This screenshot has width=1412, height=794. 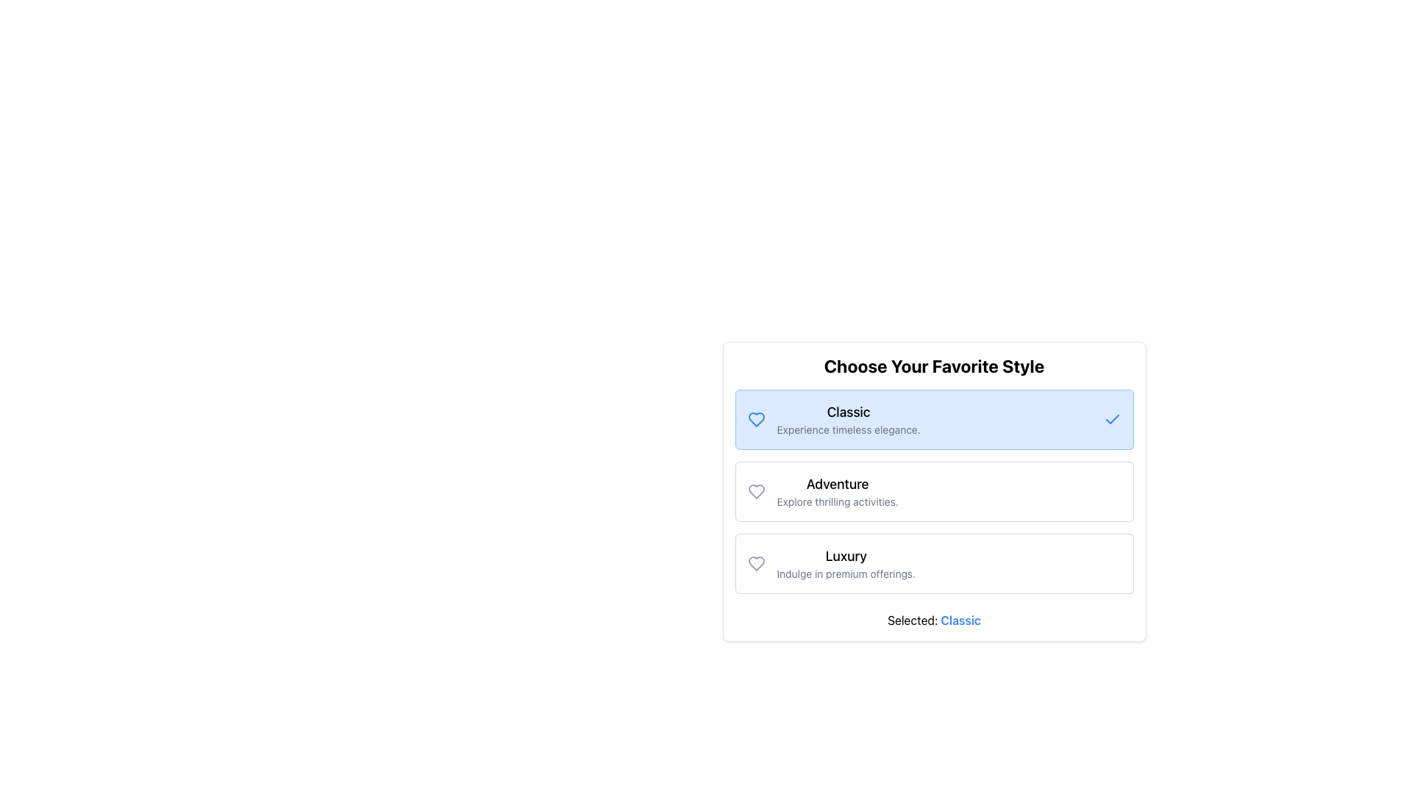 What do you see at coordinates (756, 563) in the screenshot?
I see `the heart-shaped icon located to the left of the 'Luxury' option box in the vertical selection menu` at bounding box center [756, 563].